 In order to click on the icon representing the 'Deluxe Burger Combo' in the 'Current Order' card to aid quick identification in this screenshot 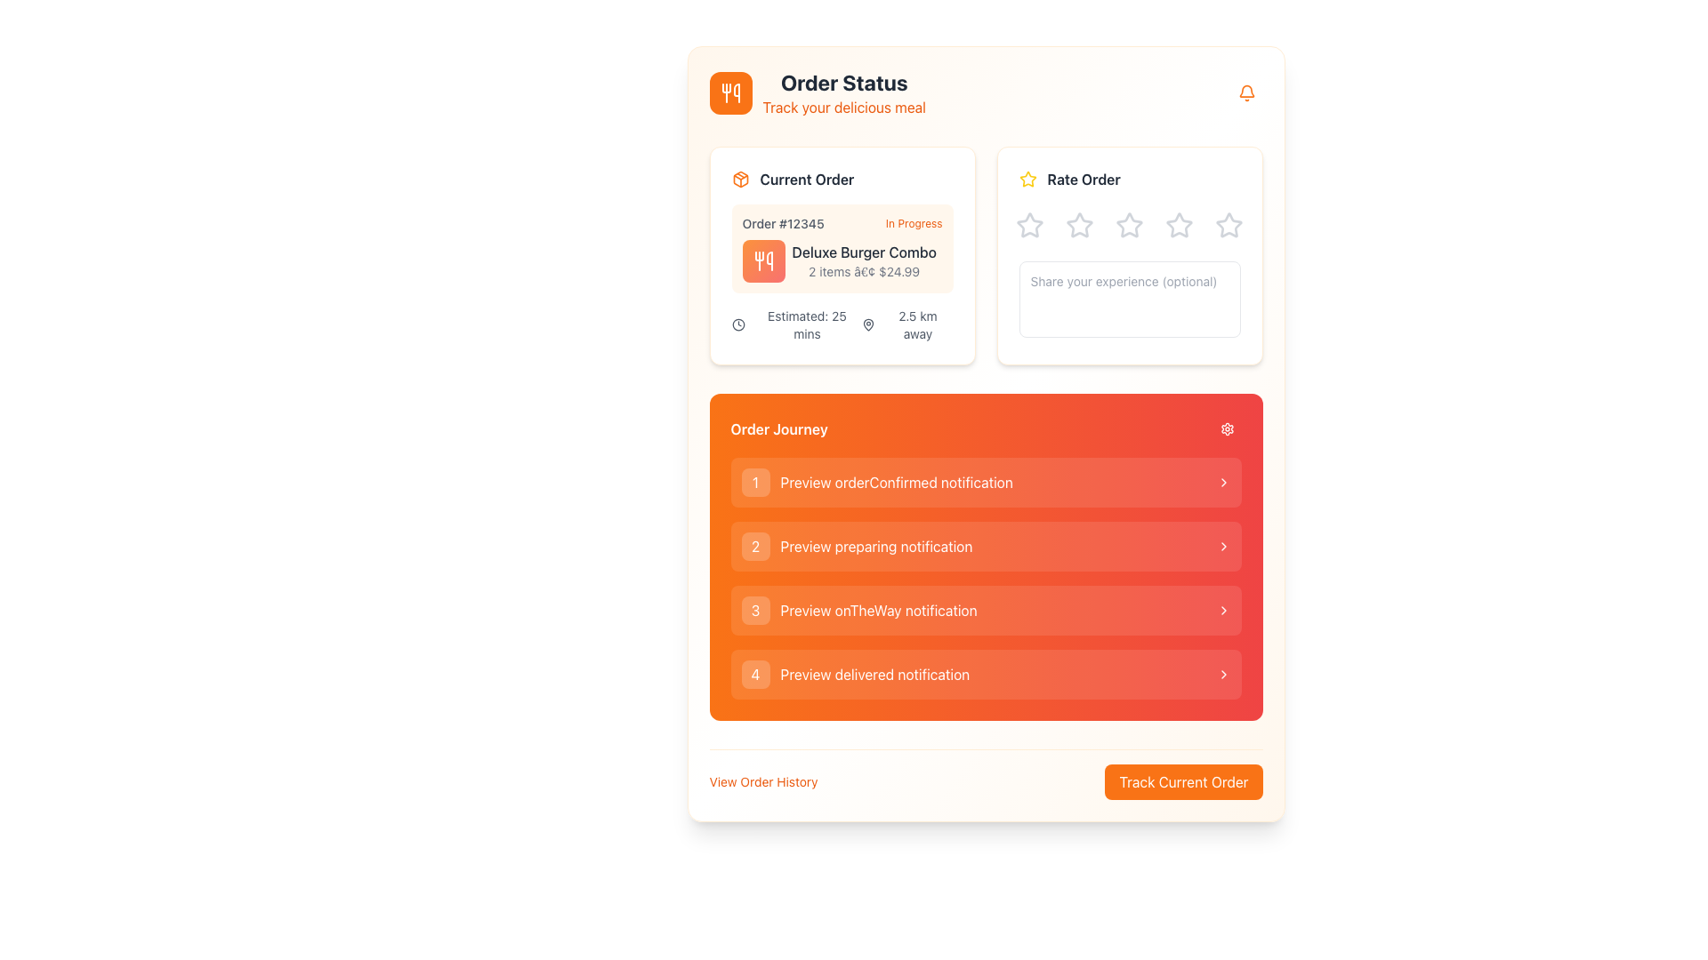, I will do `click(763, 260)`.